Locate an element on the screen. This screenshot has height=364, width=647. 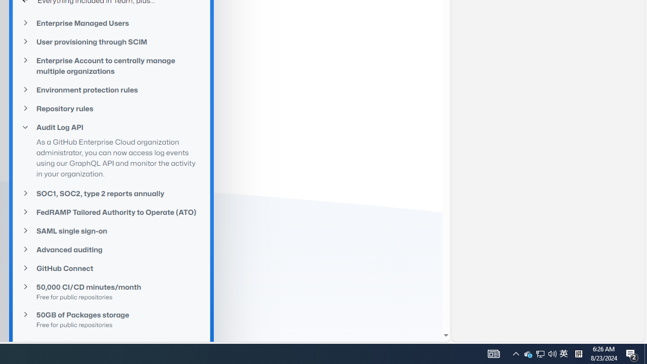
'50,000 CI/CD minutes/month Free for public repositories' is located at coordinates (111, 291).